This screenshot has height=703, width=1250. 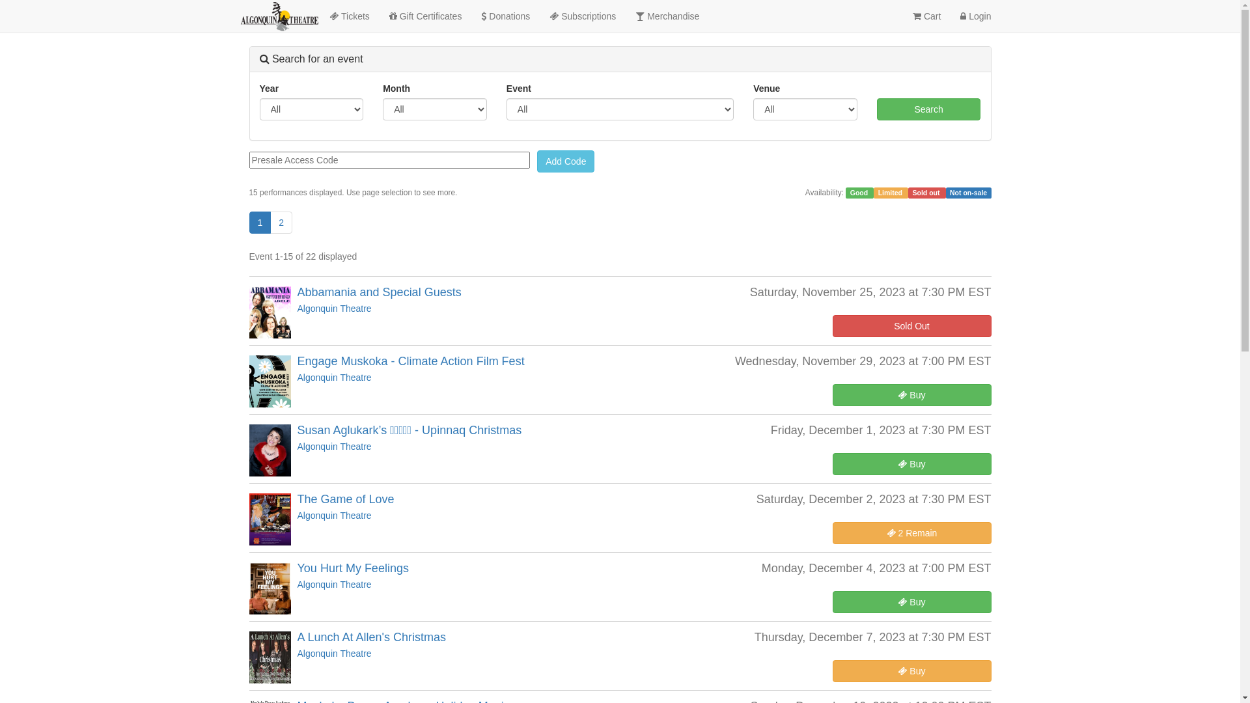 I want to click on 'Sold Out', so click(x=911, y=325).